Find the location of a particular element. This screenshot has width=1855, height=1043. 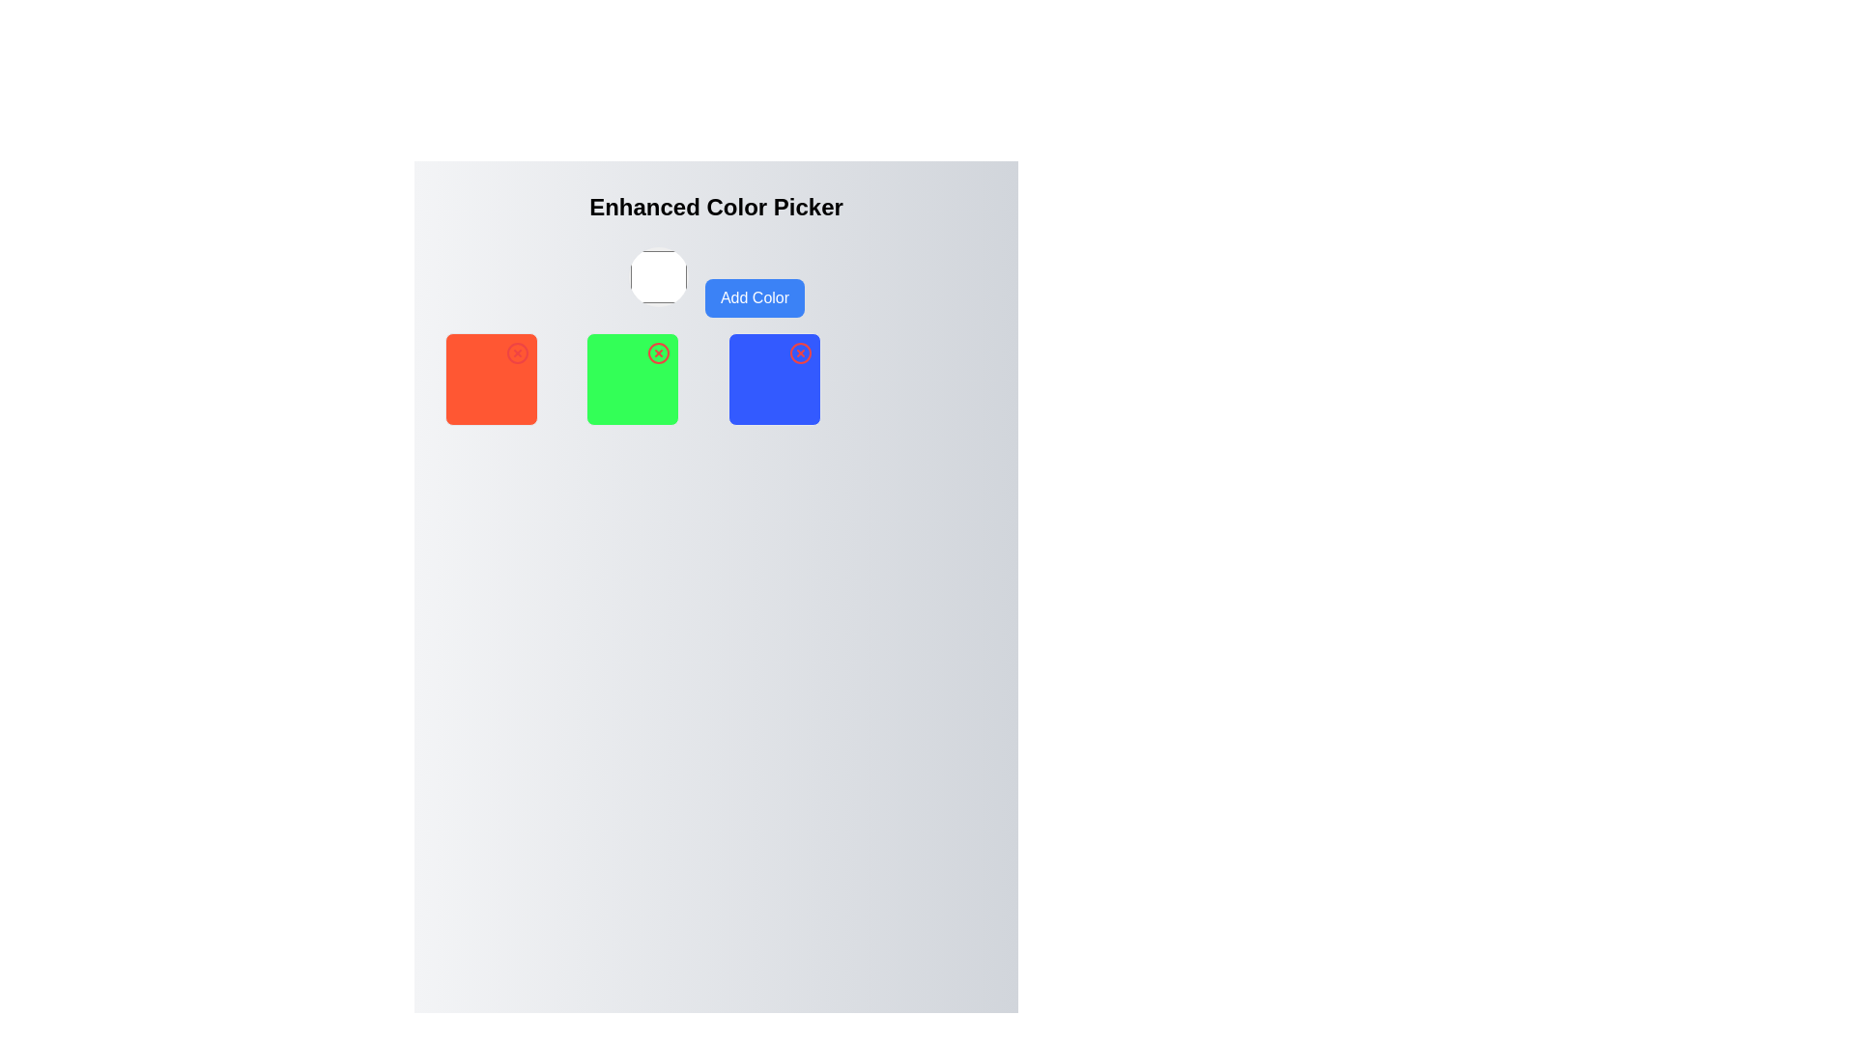

the first color block in the color picker interface is located at coordinates (491, 380).